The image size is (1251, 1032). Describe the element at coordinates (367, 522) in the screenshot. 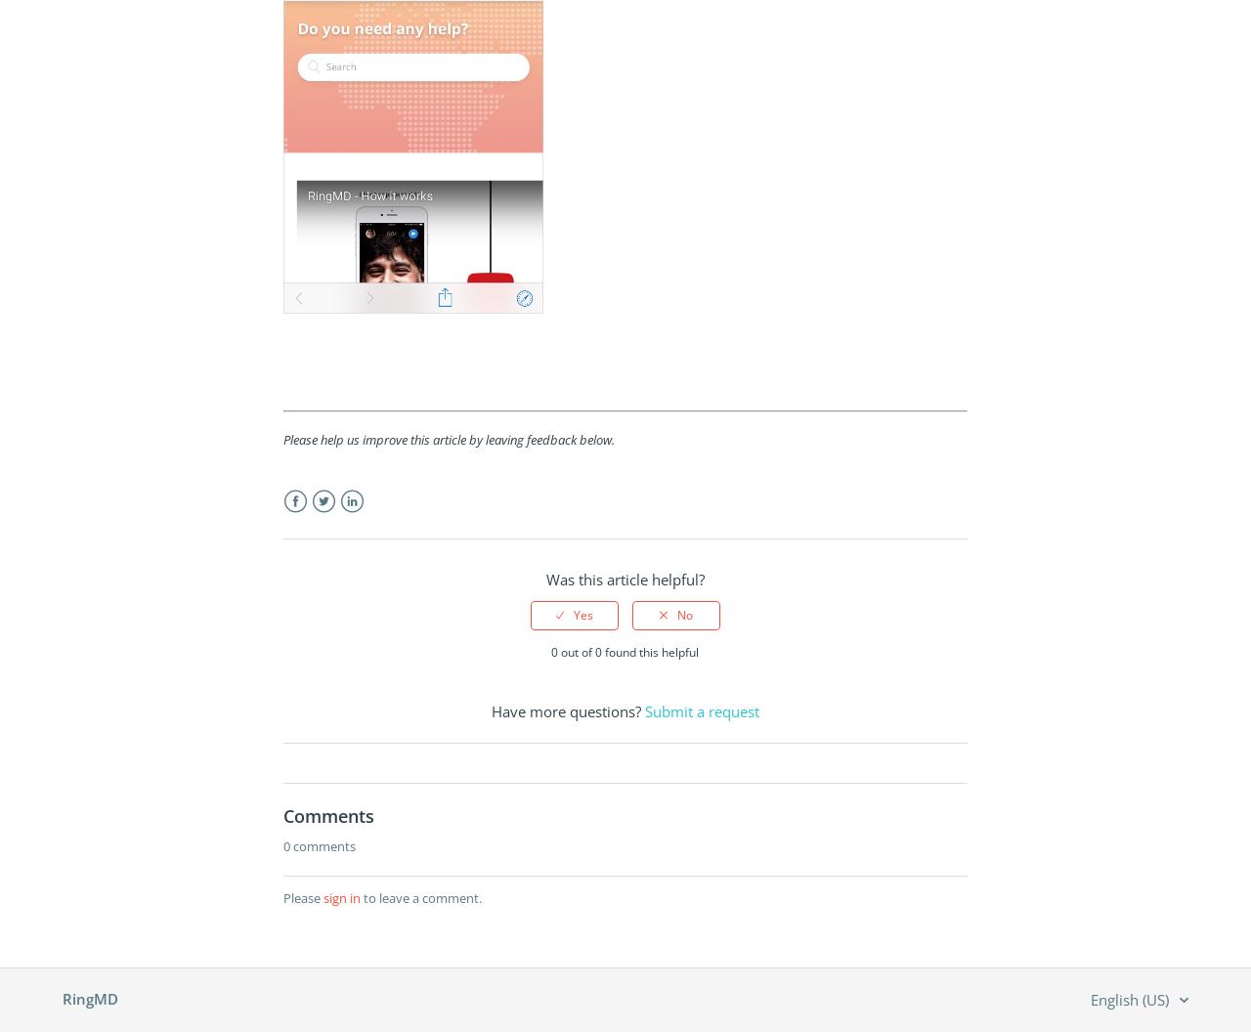

I see `'LinkedIn'` at that location.